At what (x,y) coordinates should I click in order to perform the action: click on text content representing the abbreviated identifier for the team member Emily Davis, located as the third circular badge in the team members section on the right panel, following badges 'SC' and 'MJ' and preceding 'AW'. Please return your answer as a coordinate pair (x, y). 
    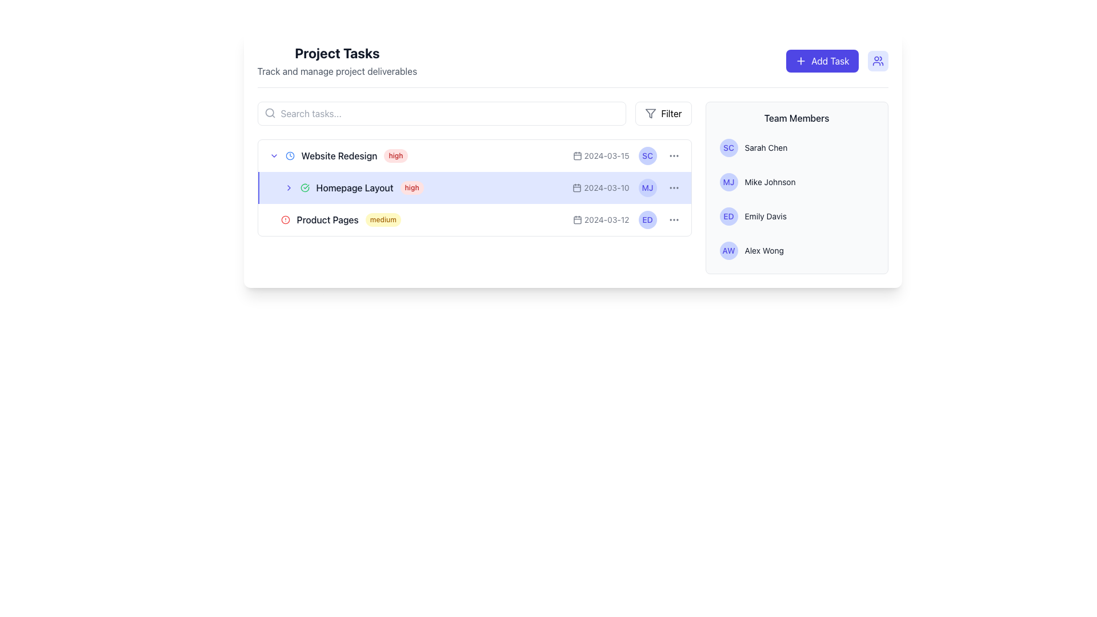
    Looking at the image, I should click on (647, 220).